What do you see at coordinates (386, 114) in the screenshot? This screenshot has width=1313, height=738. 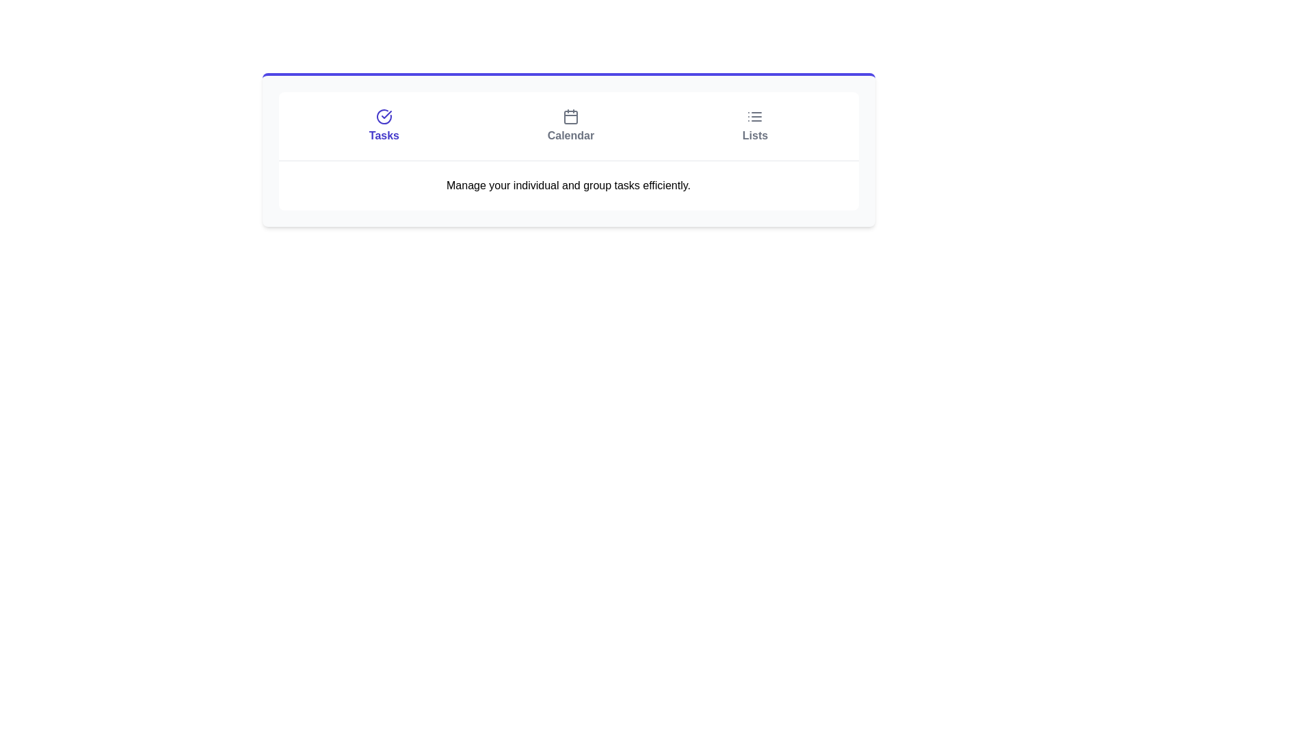 I see `the decorative icon within the circular SVG graphic located at the top-left corner of the web interface, under the 'Tasks' label` at bounding box center [386, 114].